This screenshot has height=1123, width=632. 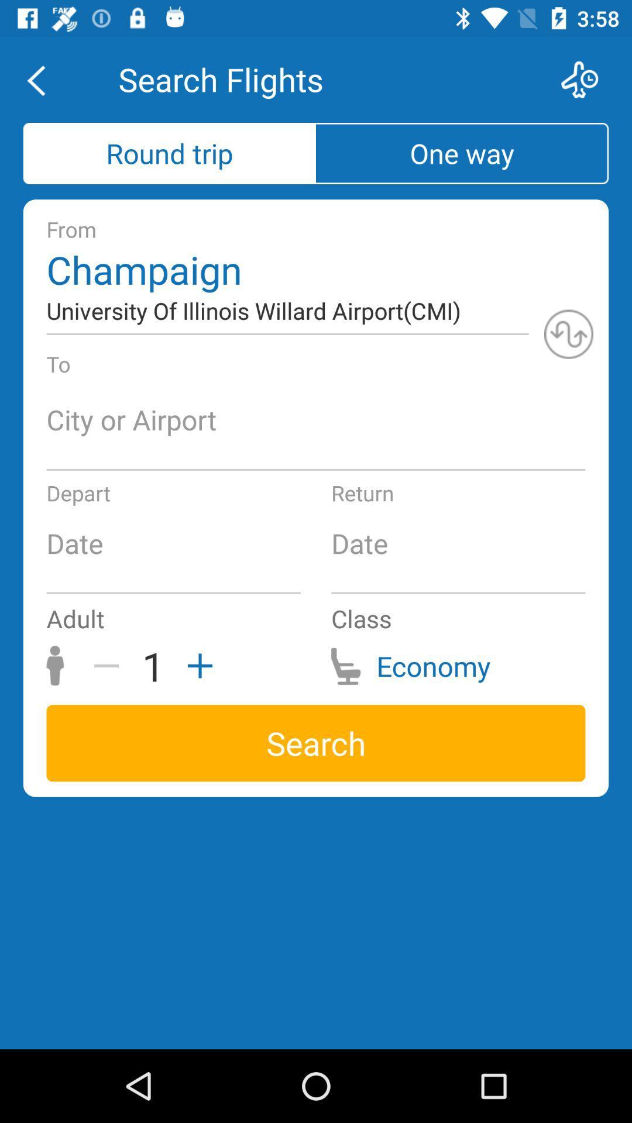 What do you see at coordinates (568, 333) in the screenshot?
I see `item below the champaign icon` at bounding box center [568, 333].